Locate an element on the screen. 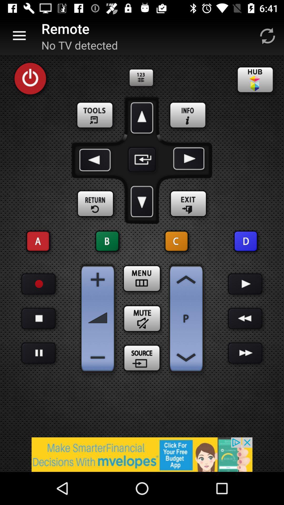  source option is located at coordinates (142, 358).